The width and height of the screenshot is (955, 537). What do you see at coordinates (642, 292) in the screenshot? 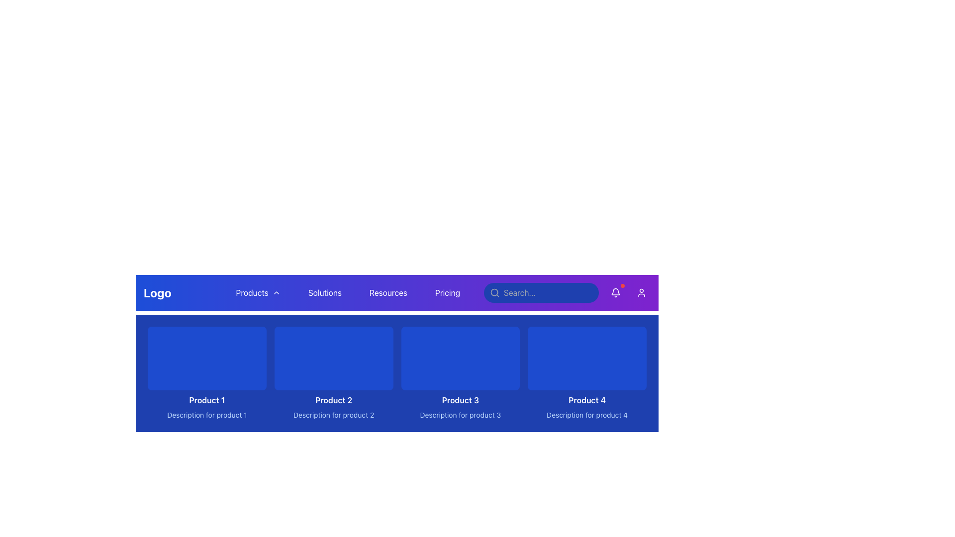
I see `the user profile SVG icon located at the top-right corner of the interface` at bounding box center [642, 292].